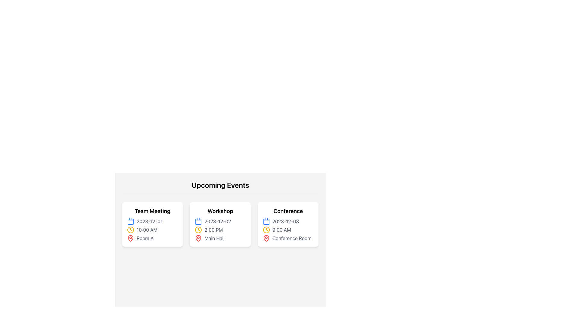  Describe the element at coordinates (266, 221) in the screenshot. I see `the graphical decoration representing the body of the calendar icon located above the date '2023-12-03' in the third column of the 'Upcoming Events' section` at that location.